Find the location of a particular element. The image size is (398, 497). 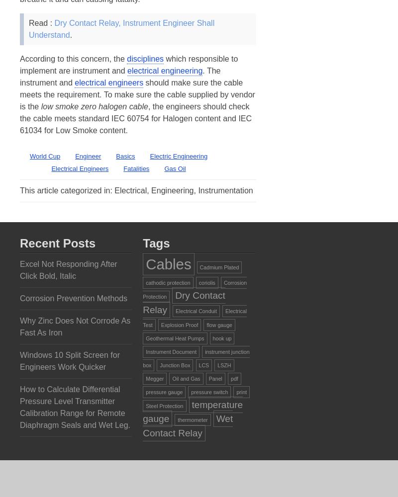

'temperature gauge' is located at coordinates (192, 411).